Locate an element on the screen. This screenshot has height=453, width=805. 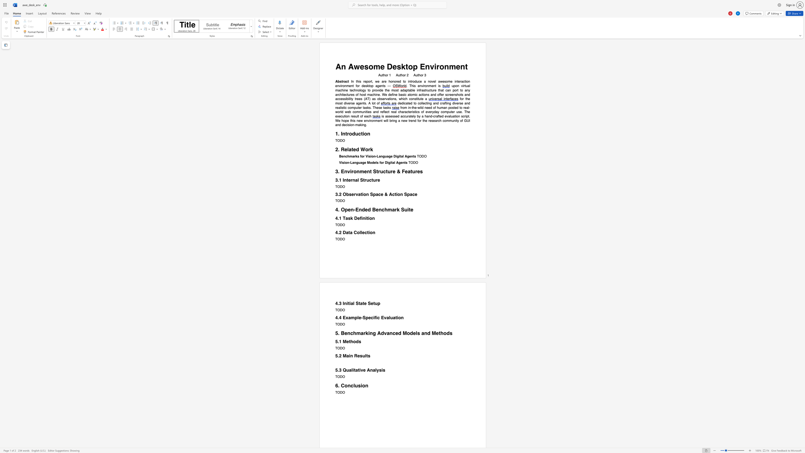
the subset text "ts" within the text "Benchmarks for Vision-Language Digital Agents" is located at coordinates (413, 156).